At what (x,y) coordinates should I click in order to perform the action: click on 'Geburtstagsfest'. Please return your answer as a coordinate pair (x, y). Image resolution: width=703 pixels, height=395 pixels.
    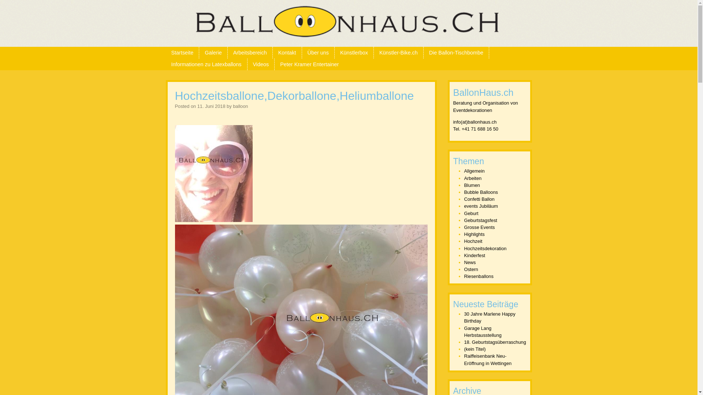
    Looking at the image, I should click on (481, 220).